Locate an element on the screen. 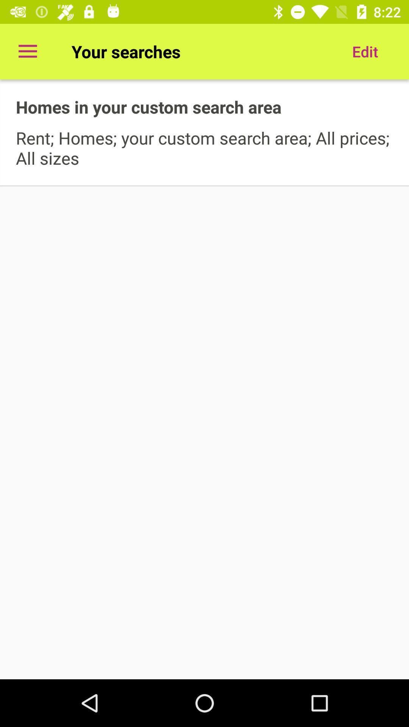 The height and width of the screenshot is (727, 409). the item above homes in your icon is located at coordinates (27, 51).